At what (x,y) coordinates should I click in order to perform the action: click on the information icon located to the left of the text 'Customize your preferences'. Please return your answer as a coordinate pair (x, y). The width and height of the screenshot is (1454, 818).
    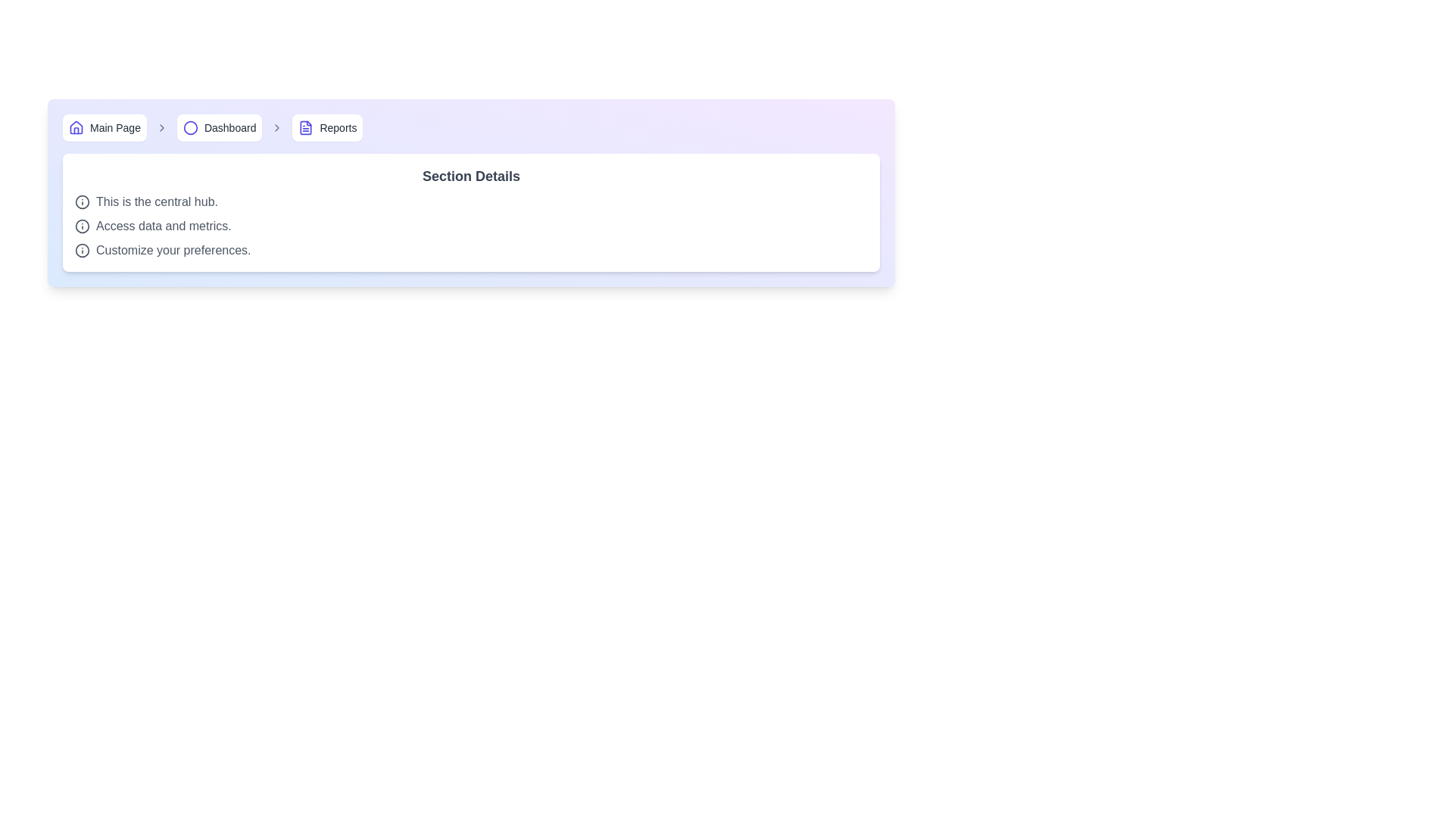
    Looking at the image, I should click on (82, 250).